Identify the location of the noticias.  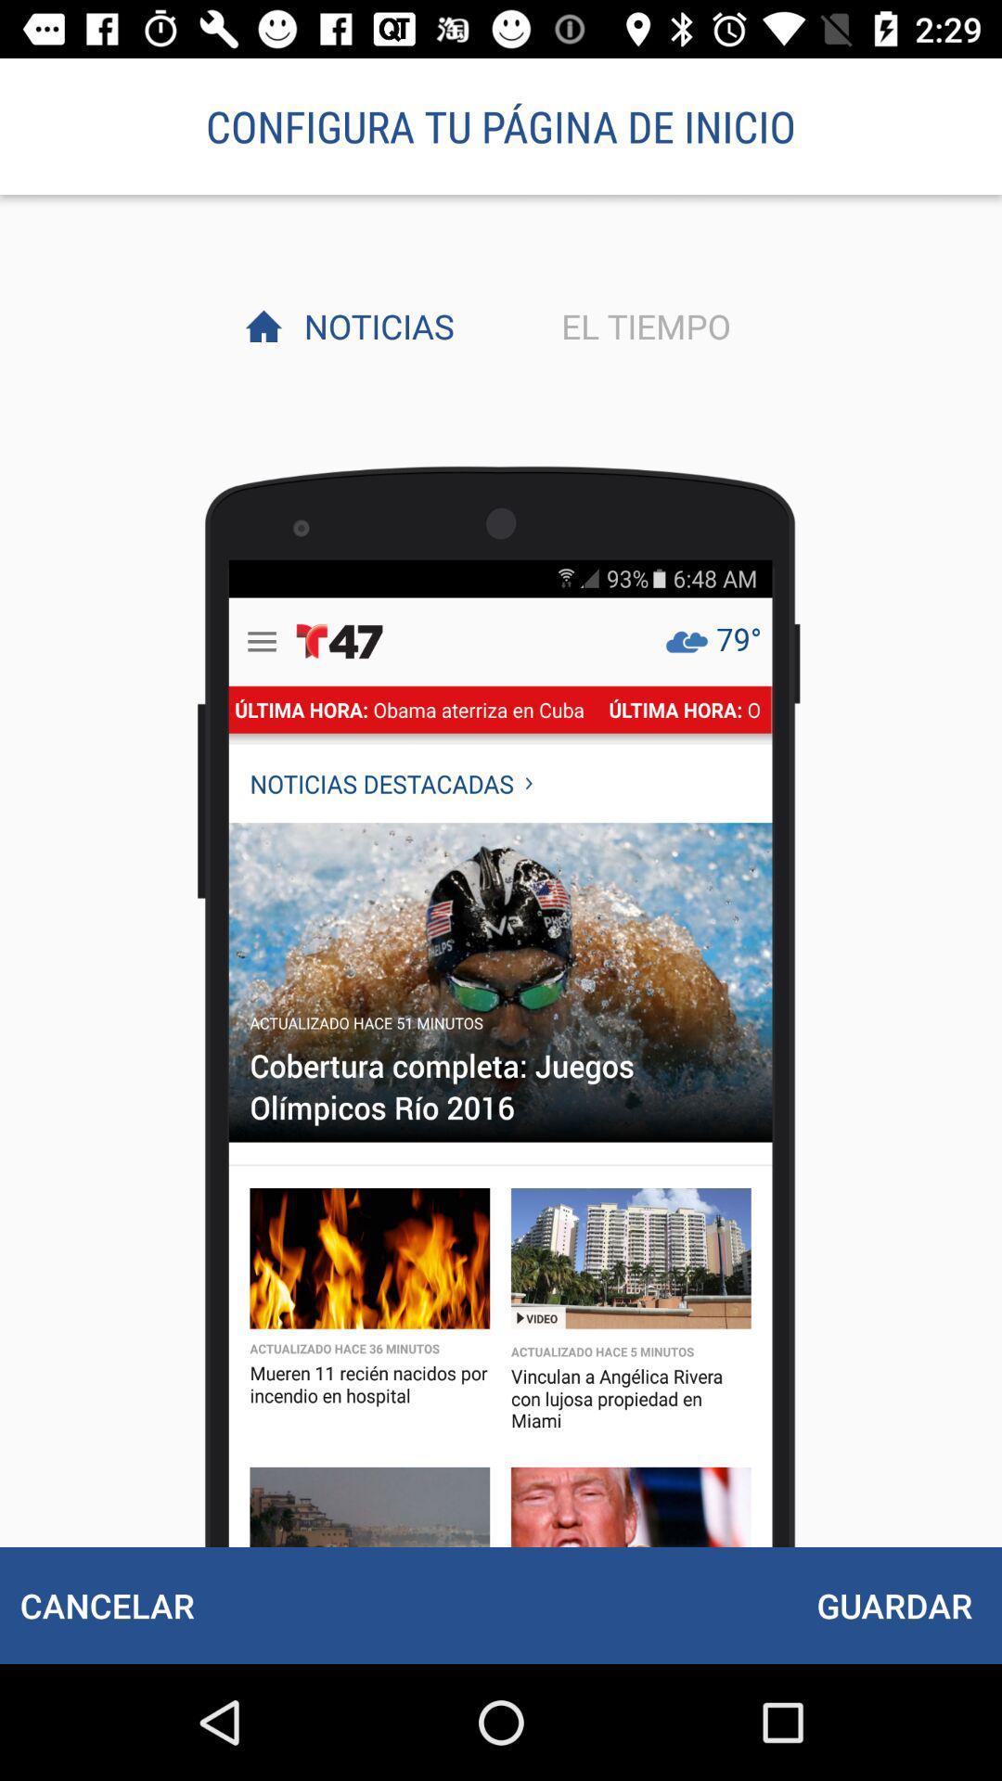
(374, 326).